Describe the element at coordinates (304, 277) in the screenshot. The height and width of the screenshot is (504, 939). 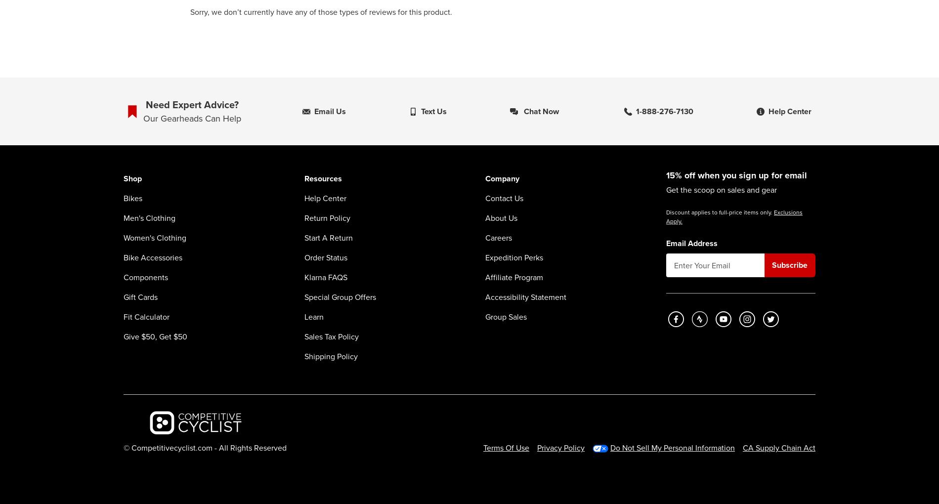
I see `'Klarna FAQS'` at that location.